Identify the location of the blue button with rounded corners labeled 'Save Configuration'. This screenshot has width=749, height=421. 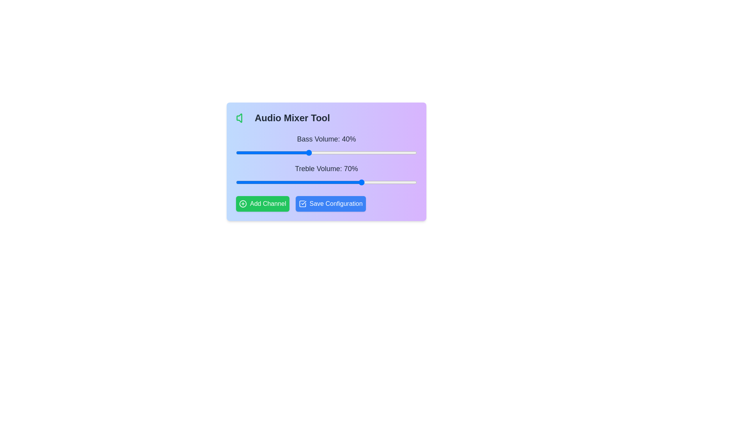
(330, 203).